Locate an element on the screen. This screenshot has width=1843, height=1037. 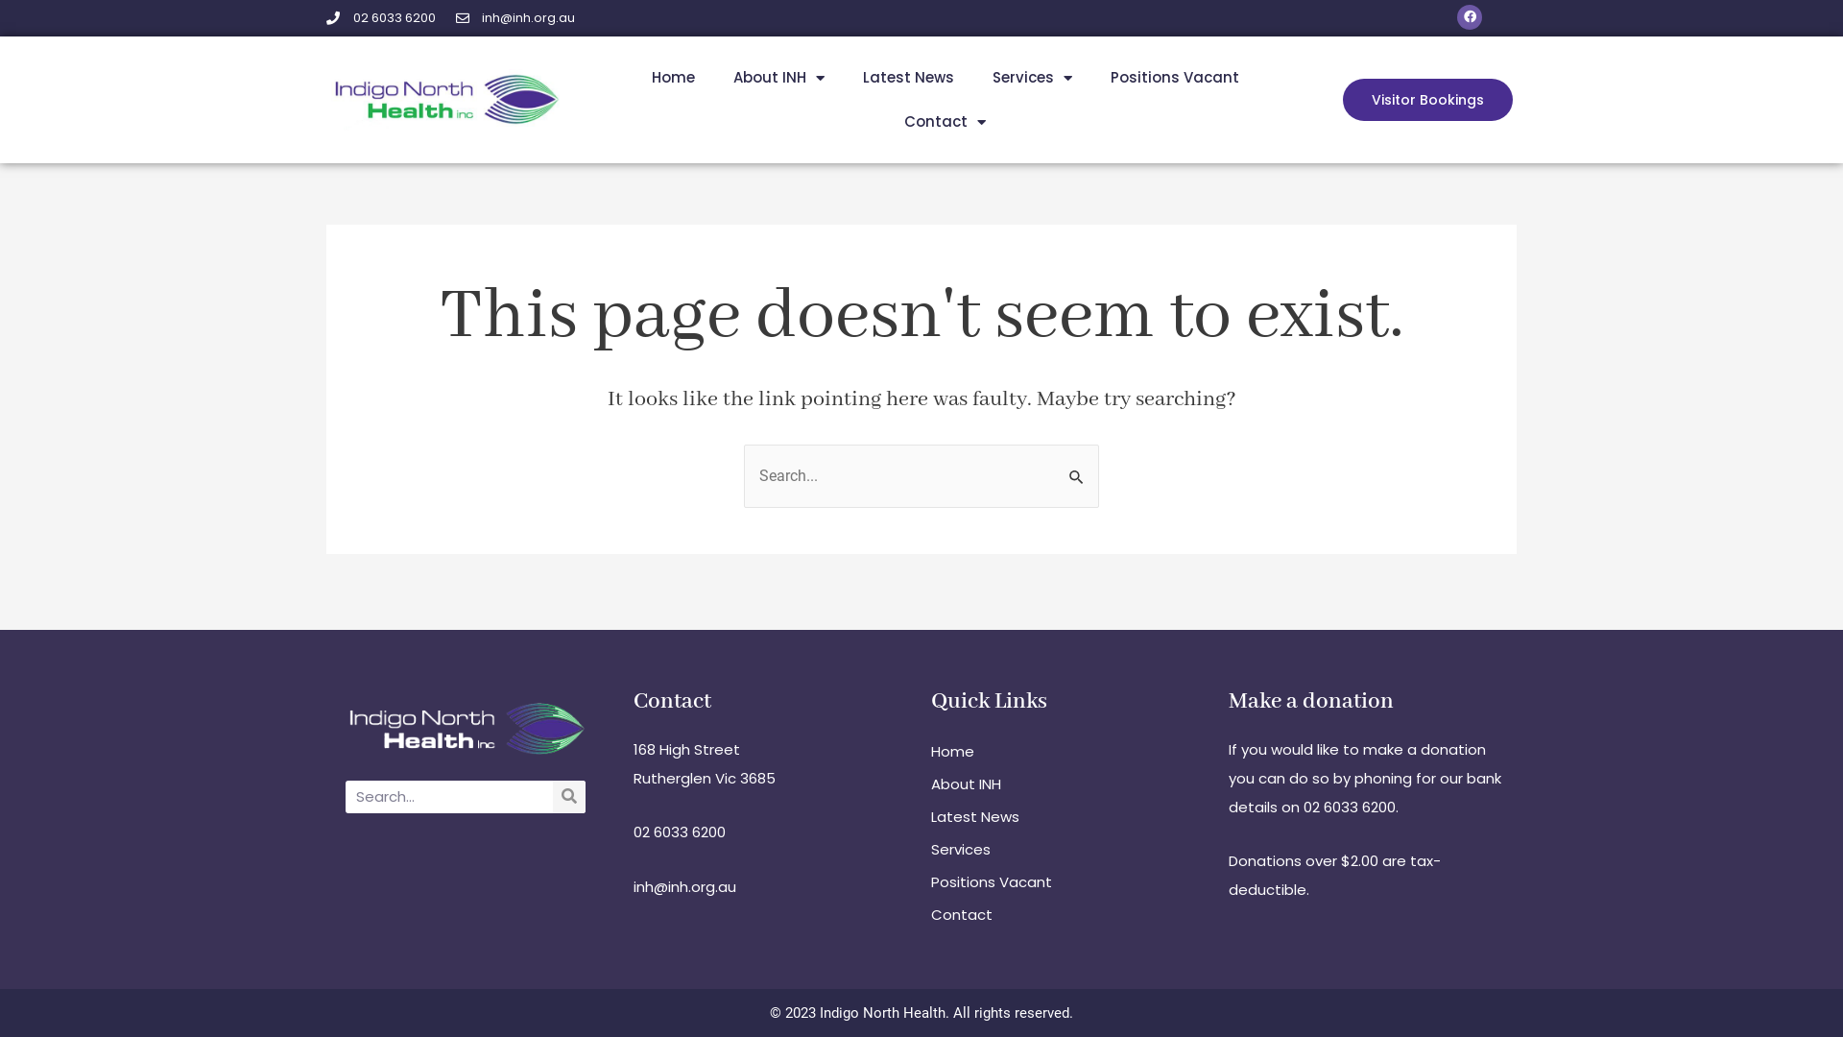
'Latest News' is located at coordinates (907, 77).